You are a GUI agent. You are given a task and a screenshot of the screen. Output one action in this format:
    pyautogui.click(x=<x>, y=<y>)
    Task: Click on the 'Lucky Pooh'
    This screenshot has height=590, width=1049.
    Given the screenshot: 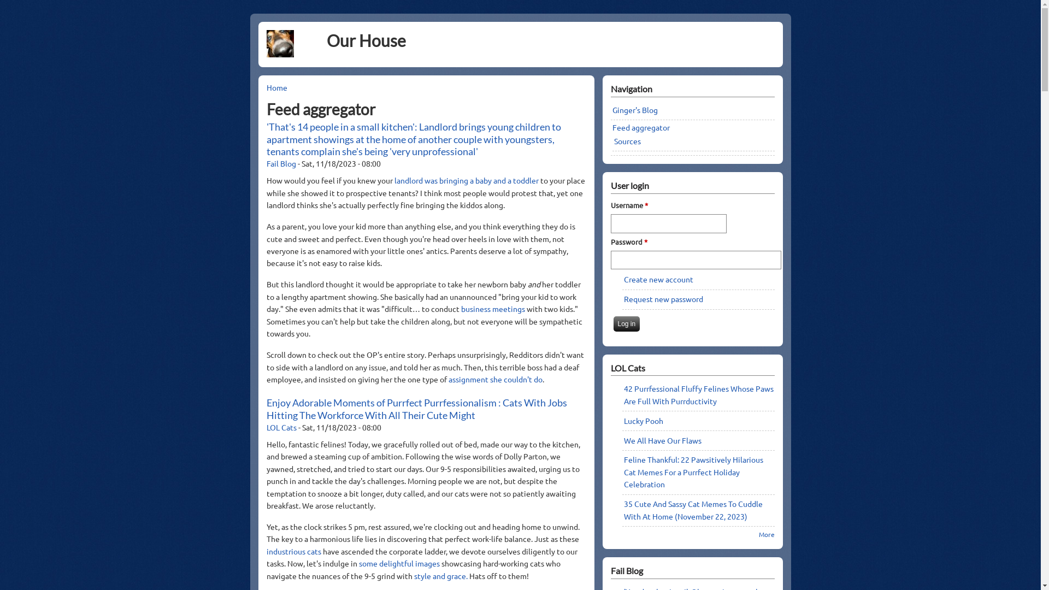 What is the action you would take?
    pyautogui.click(x=643, y=420)
    